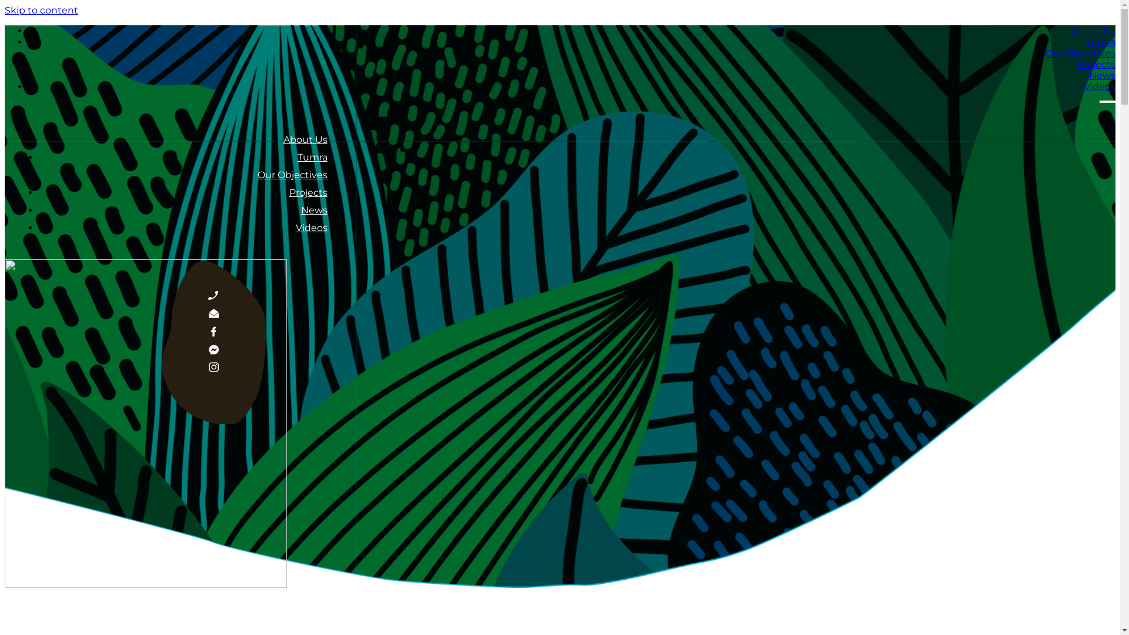 This screenshot has width=1129, height=635. What do you see at coordinates (1080, 53) in the screenshot?
I see `'Our Objectives'` at bounding box center [1080, 53].